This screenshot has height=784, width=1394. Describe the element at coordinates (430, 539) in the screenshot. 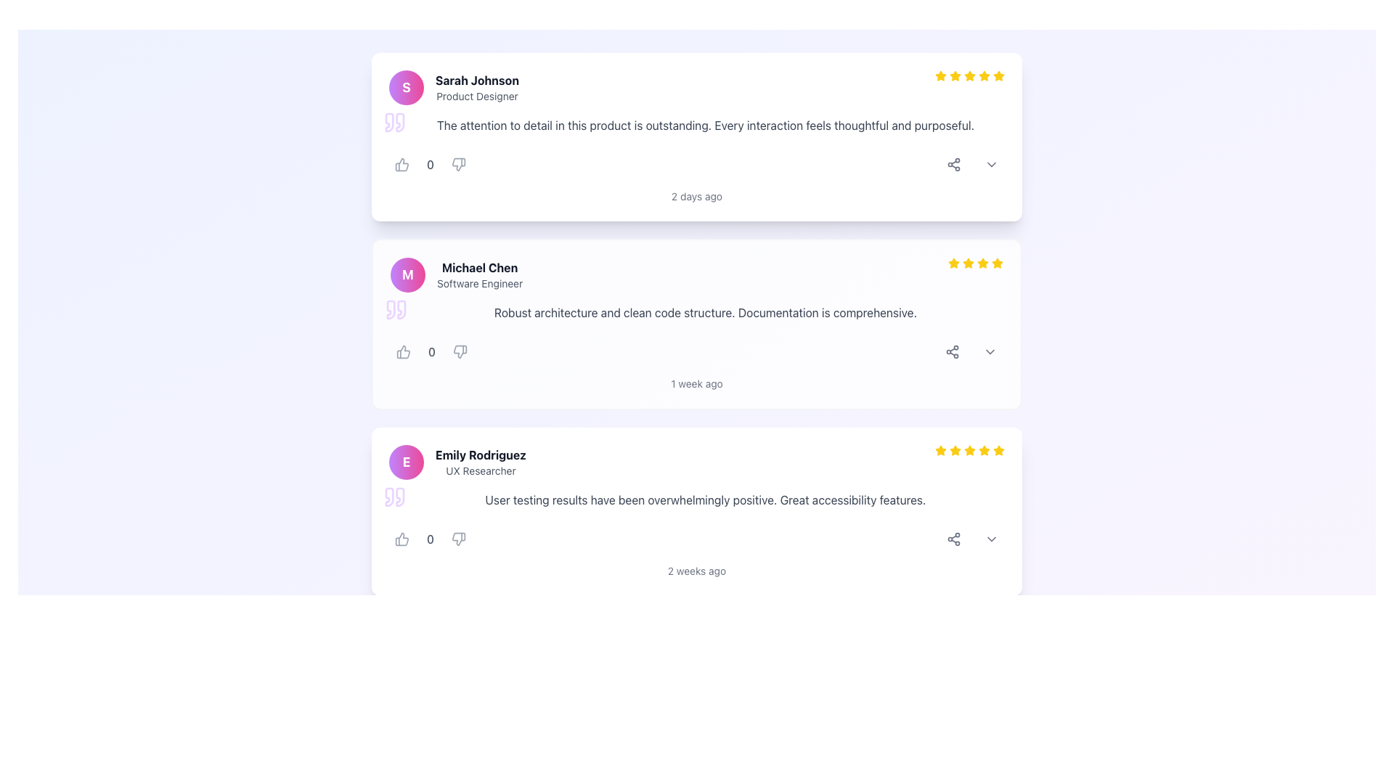

I see `the text displaying the numerical count of interactions located at the bottom-right of the user feedback card, positioned between the thumbs-up and thumbs-down icons` at that location.